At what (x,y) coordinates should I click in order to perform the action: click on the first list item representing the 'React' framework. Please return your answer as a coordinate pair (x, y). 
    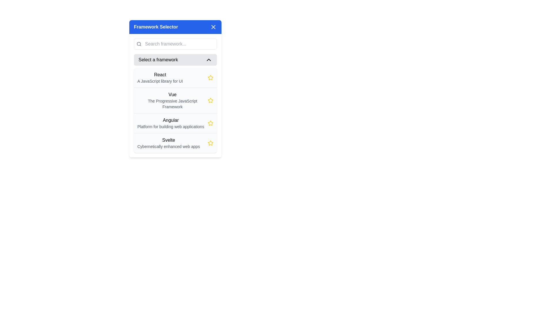
    Looking at the image, I should click on (175, 78).